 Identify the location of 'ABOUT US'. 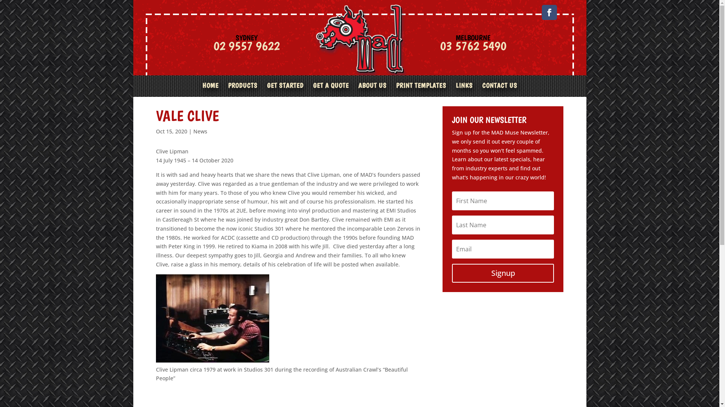
(372, 89).